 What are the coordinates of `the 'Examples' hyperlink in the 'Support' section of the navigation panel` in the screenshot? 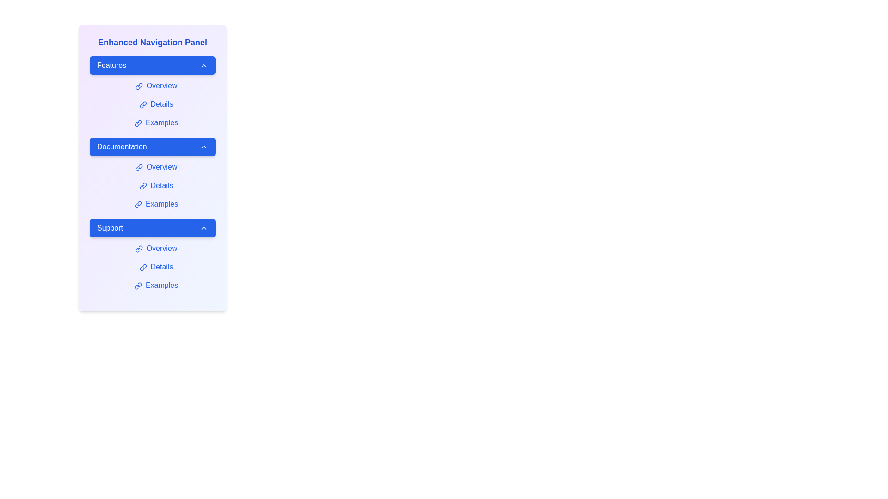 It's located at (156, 285).